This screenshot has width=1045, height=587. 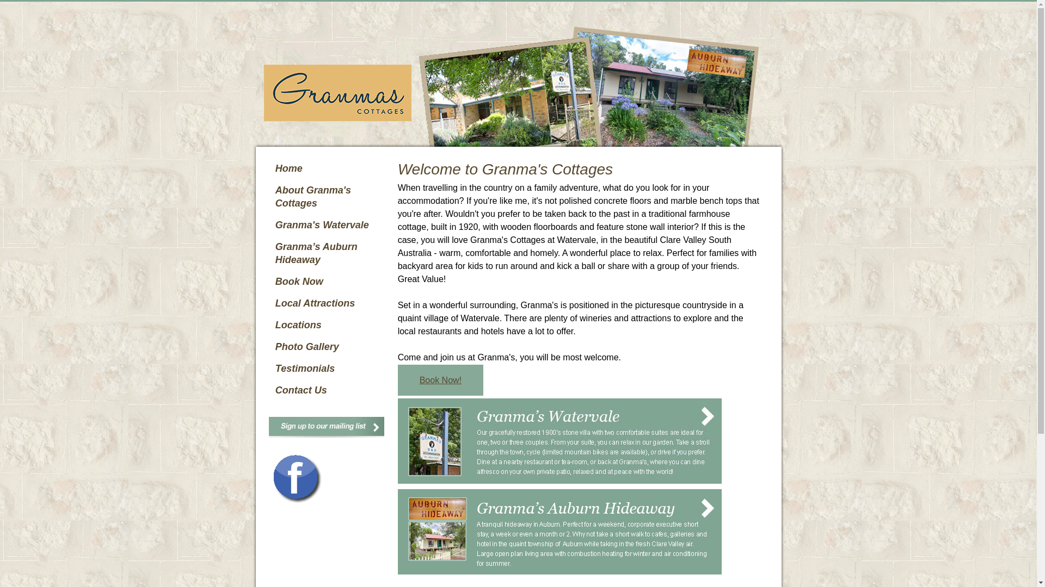 I want to click on 'About Granma's Cottages', so click(x=269, y=197).